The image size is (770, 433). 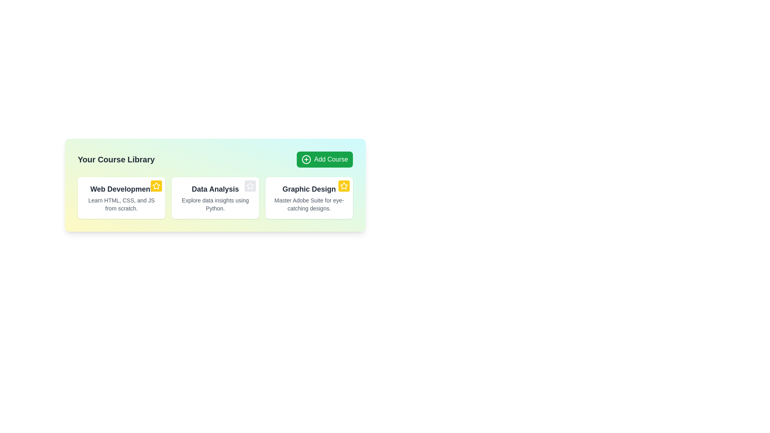 What do you see at coordinates (215, 198) in the screenshot?
I see `the informative card titled 'Data Analysis' with a star icon in the top-right corner, which is located in the center of the card group in 'Your Course Library'` at bounding box center [215, 198].